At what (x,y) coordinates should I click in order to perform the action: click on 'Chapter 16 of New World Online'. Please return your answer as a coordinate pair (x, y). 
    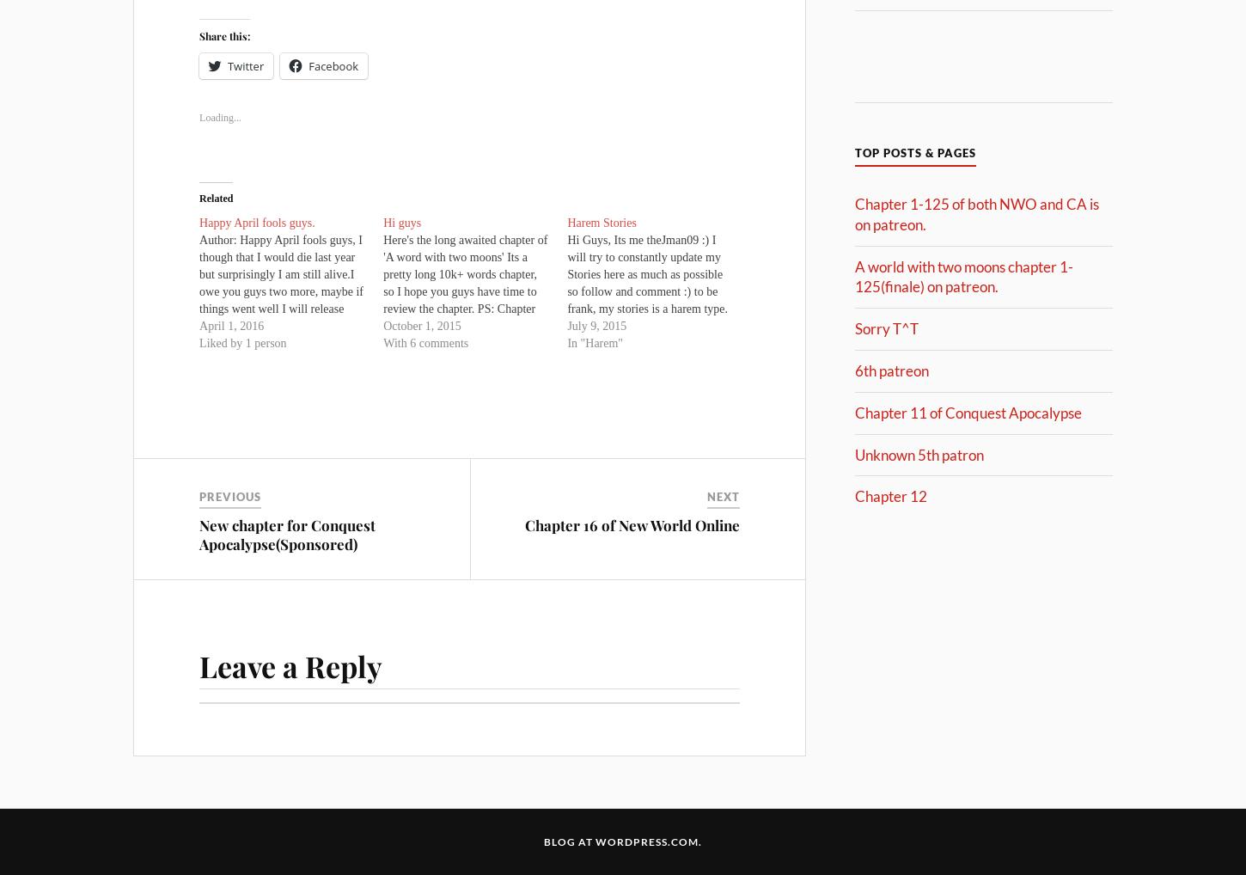
    Looking at the image, I should click on (632, 521).